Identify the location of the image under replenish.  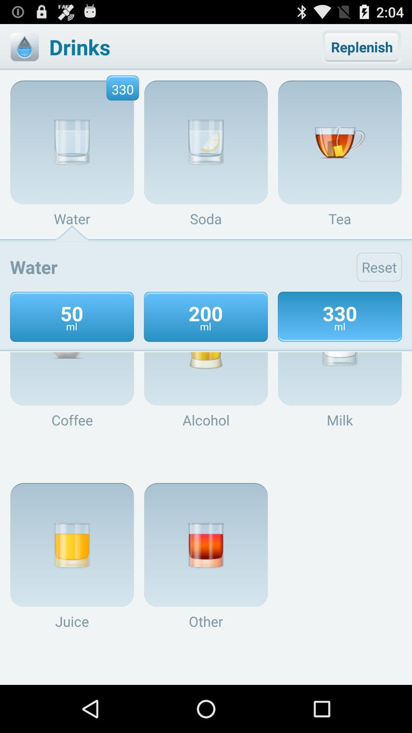
(340, 142).